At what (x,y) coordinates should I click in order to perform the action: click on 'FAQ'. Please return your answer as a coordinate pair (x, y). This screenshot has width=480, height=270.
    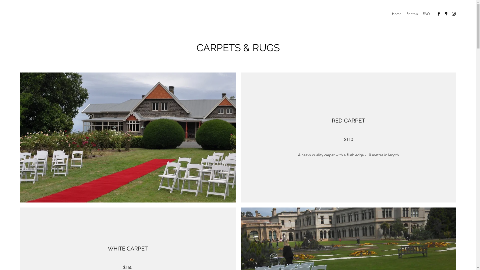
    Looking at the image, I should click on (426, 13).